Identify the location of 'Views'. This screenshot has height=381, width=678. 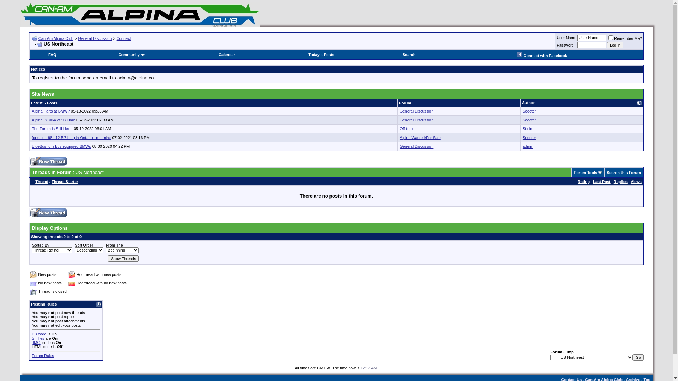
(630, 181).